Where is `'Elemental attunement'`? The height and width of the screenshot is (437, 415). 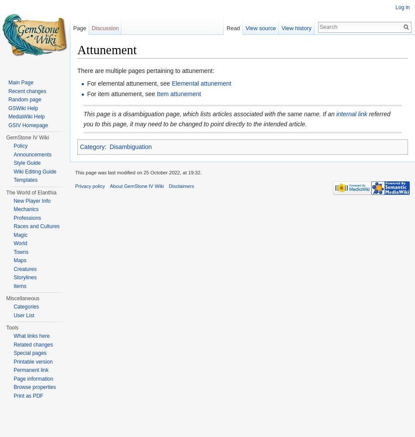 'Elemental attunement' is located at coordinates (201, 83).